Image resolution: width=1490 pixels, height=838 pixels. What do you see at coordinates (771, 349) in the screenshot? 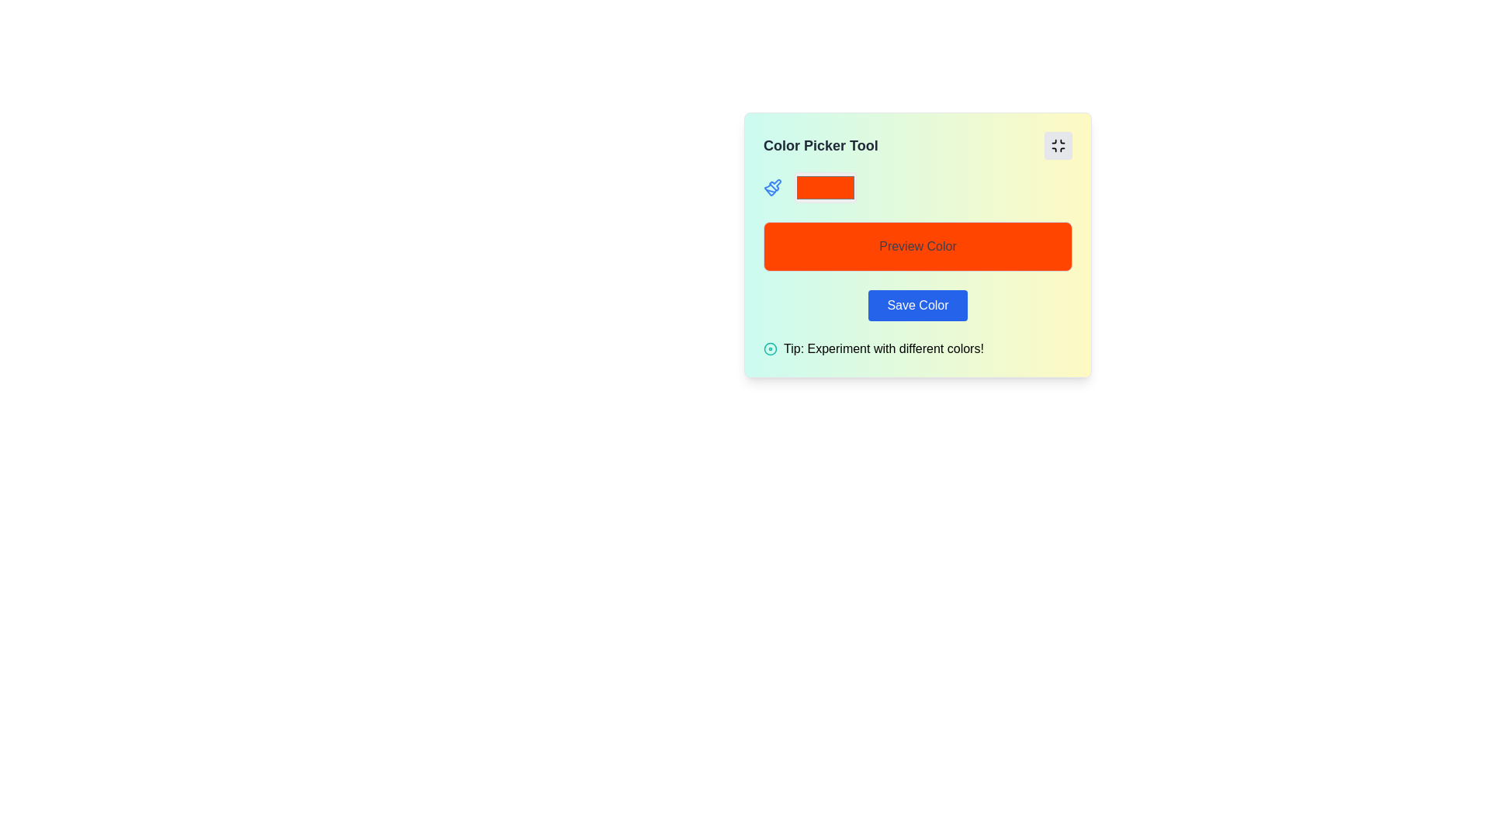
I see `the icon that serves as a visual cue indicating an important note or tip, located at the leftmost end of the grouping before the text 'Tip: Experiment with different colors!'` at bounding box center [771, 349].